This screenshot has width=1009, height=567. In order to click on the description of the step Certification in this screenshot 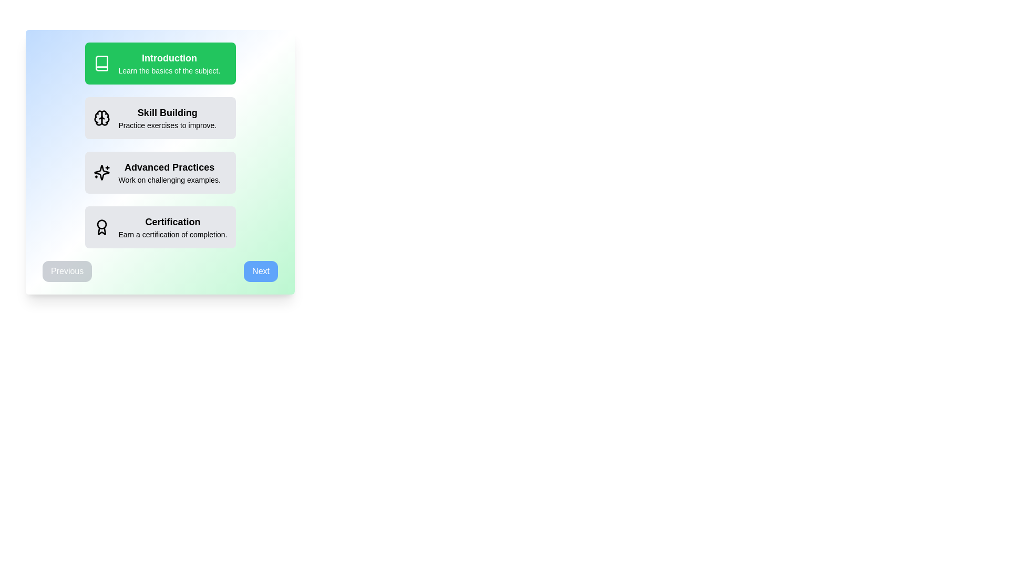, I will do `click(160, 226)`.